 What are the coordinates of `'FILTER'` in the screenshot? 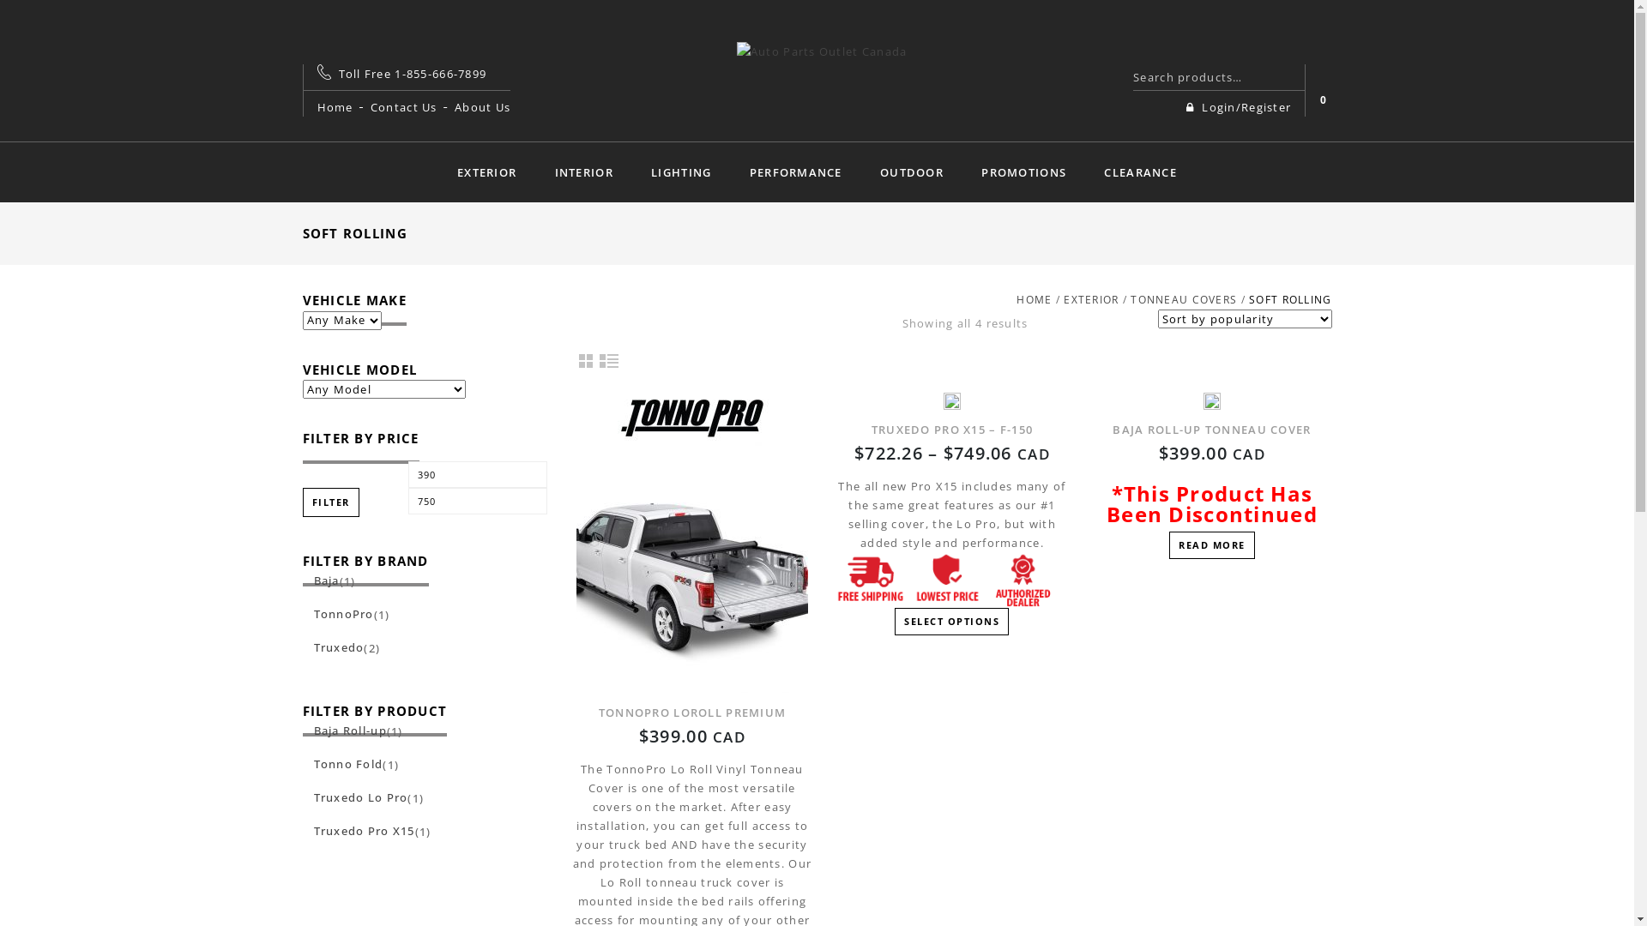 It's located at (329, 502).